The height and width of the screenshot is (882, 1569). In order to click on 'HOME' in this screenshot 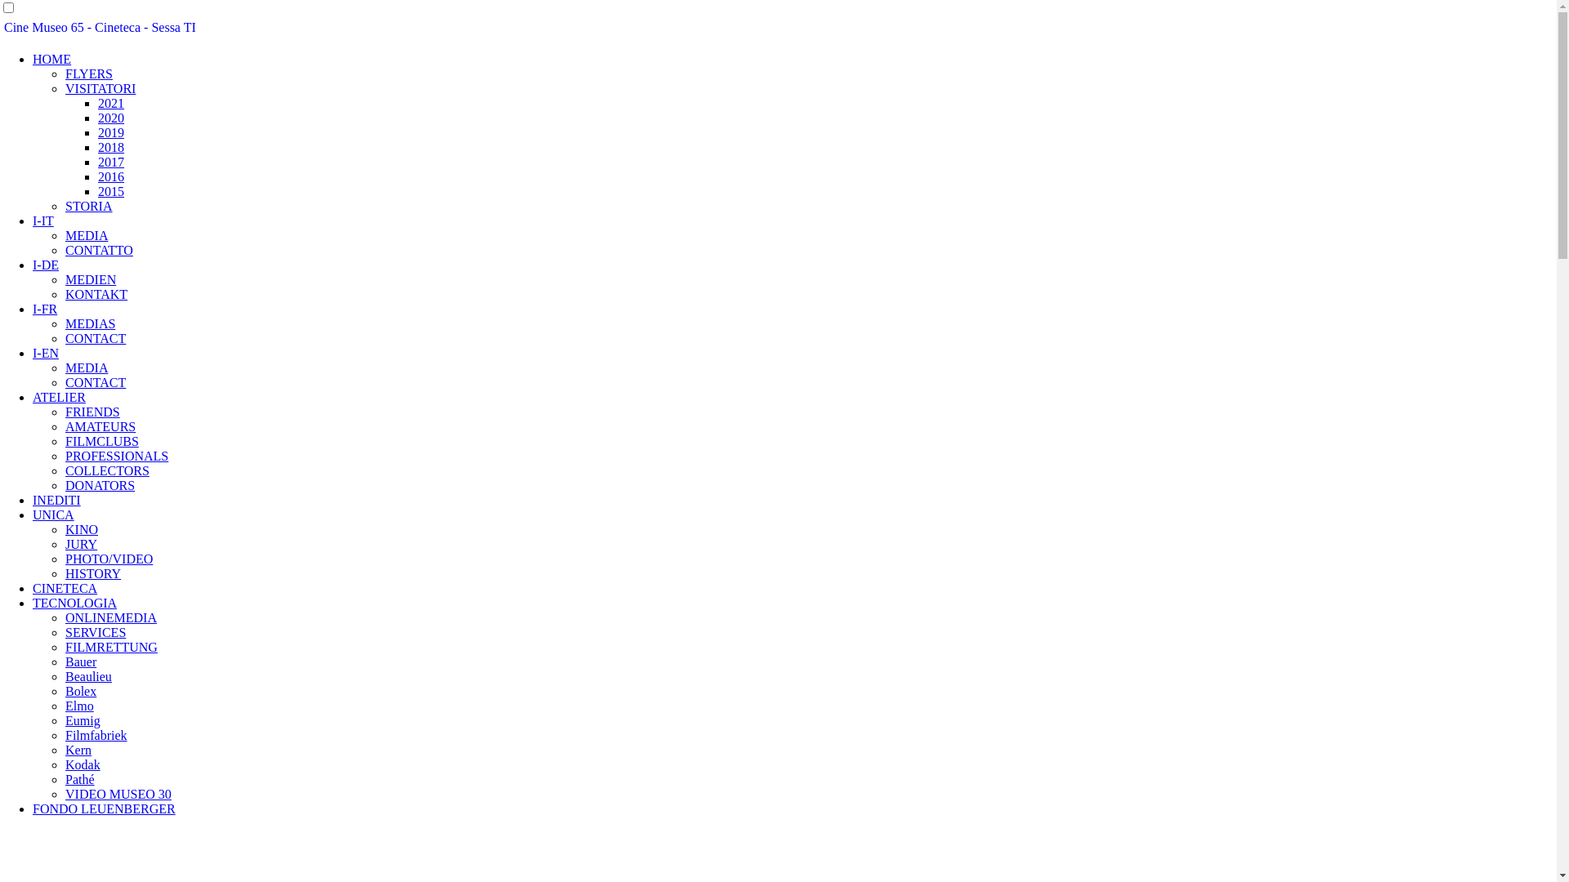, I will do `click(32, 58)`.